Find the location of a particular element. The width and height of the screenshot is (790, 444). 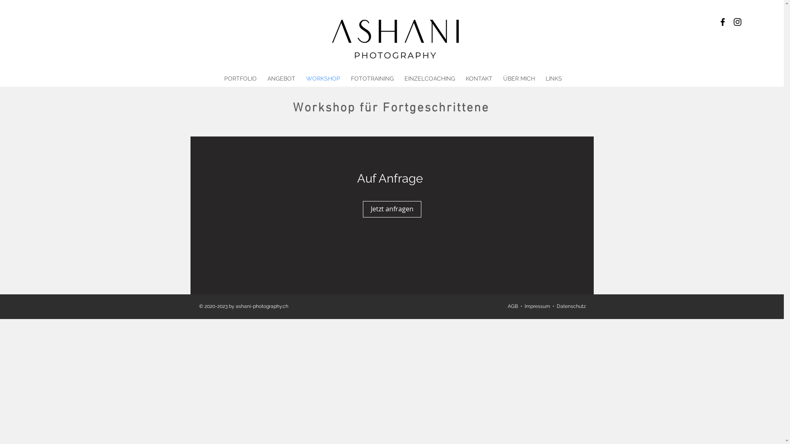

'PORTFOLIO' is located at coordinates (219, 79).